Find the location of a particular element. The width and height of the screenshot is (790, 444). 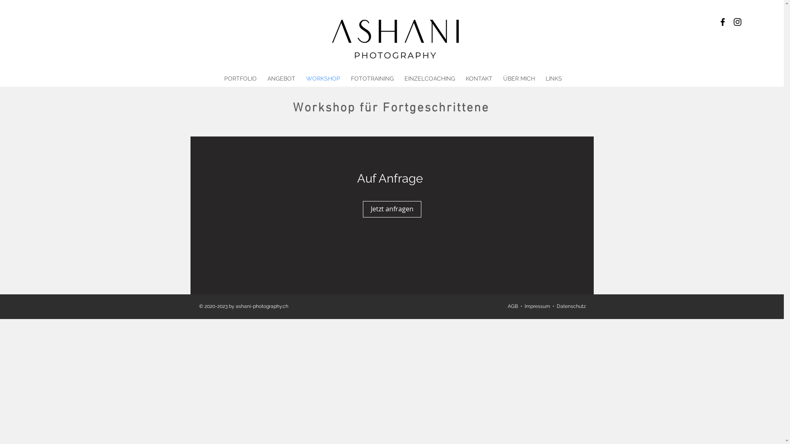

'PORTFOLIO' is located at coordinates (219, 79).